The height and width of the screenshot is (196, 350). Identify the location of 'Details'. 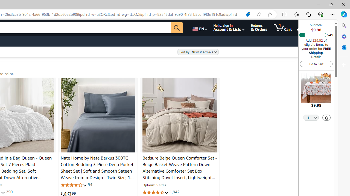
(316, 57).